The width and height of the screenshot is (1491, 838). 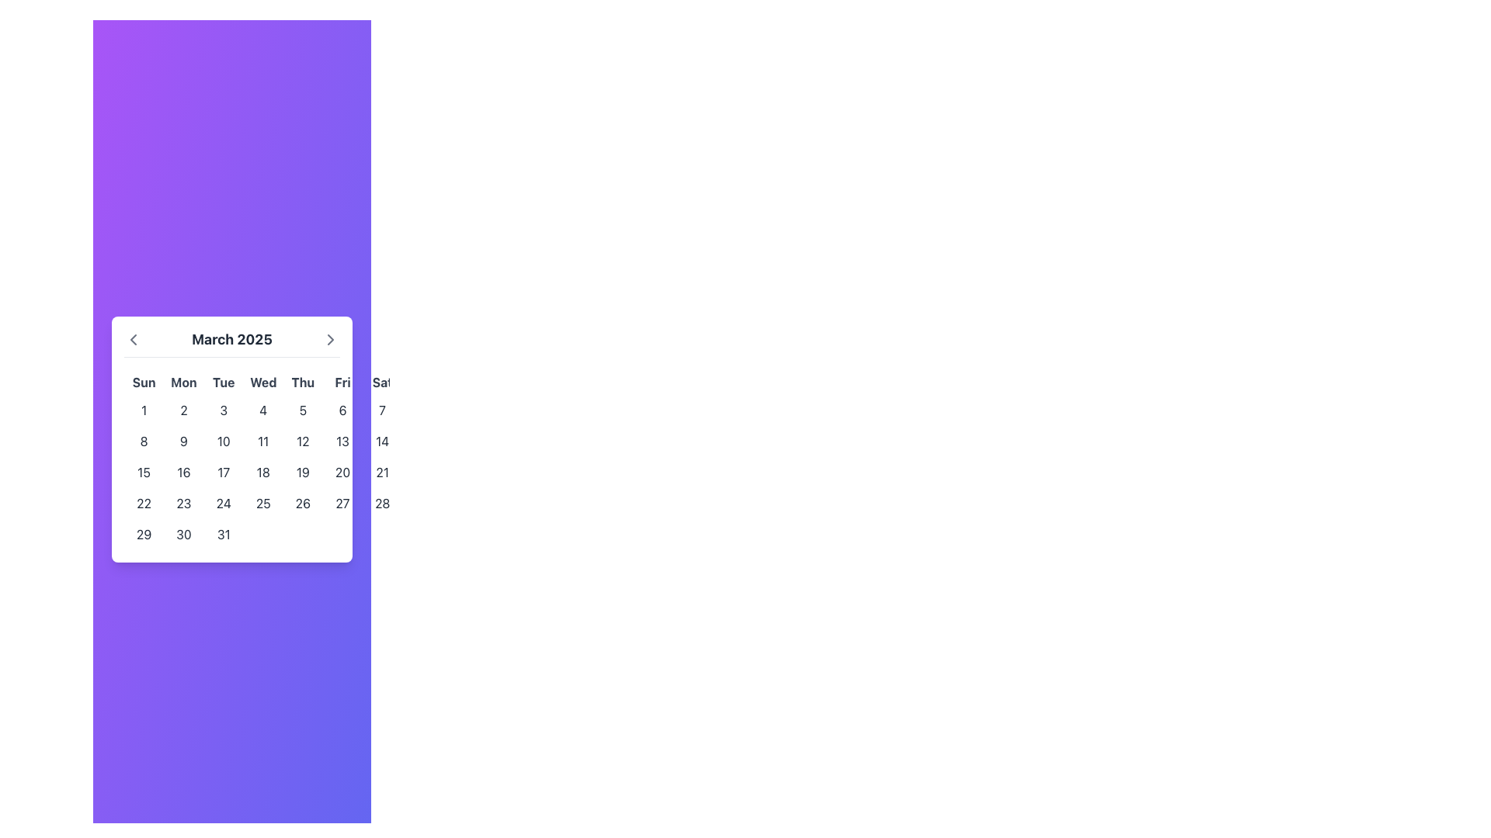 What do you see at coordinates (382, 409) in the screenshot?
I see `the calendar date cell displaying the numeral '7'` at bounding box center [382, 409].